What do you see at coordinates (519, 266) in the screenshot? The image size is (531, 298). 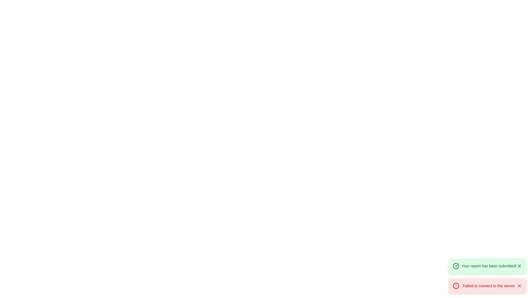 I see `the small 'X' icon located at the far-right side of the green notification box that contains the text 'Your report has been submitted!'` at bounding box center [519, 266].